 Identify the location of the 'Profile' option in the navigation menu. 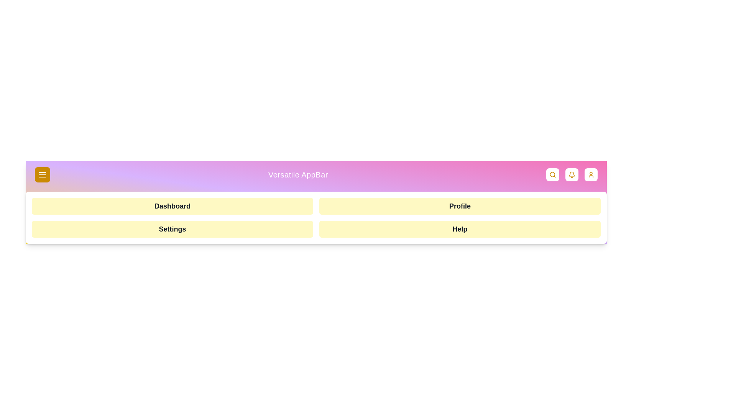
(460, 205).